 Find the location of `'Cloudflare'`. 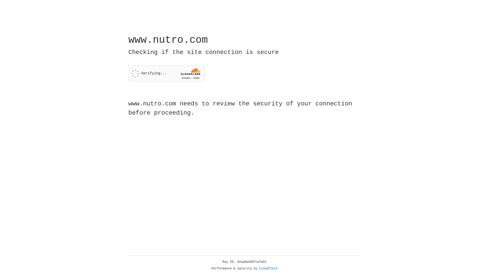

'Cloudflare' is located at coordinates (259, 268).